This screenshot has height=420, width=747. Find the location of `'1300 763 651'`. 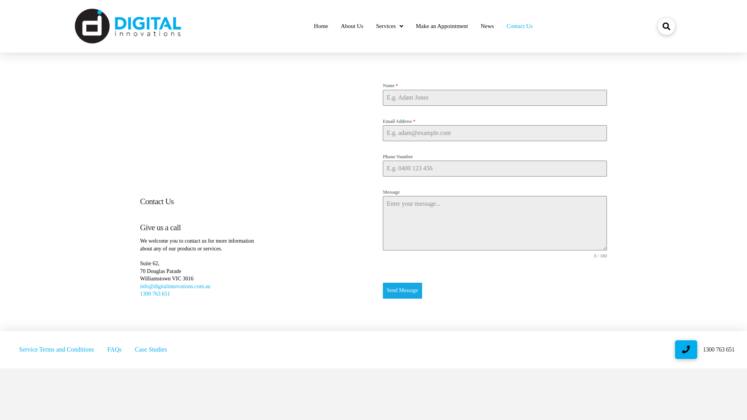

'1300 763 651' is located at coordinates (703, 349).